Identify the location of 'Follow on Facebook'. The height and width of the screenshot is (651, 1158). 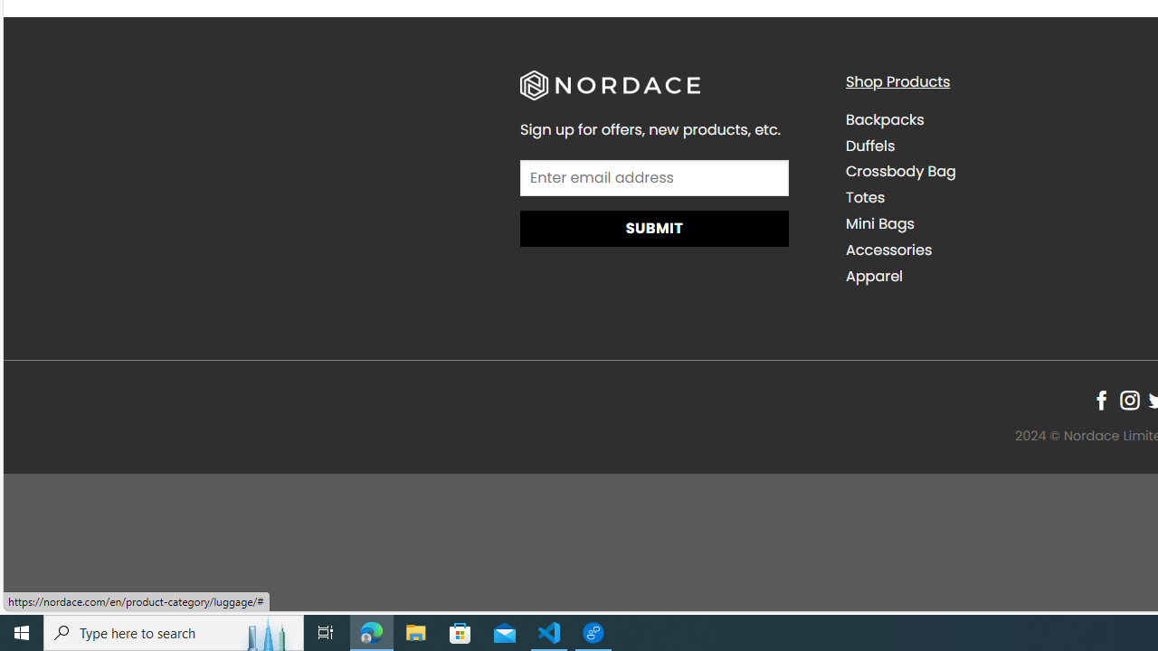
(1100, 399).